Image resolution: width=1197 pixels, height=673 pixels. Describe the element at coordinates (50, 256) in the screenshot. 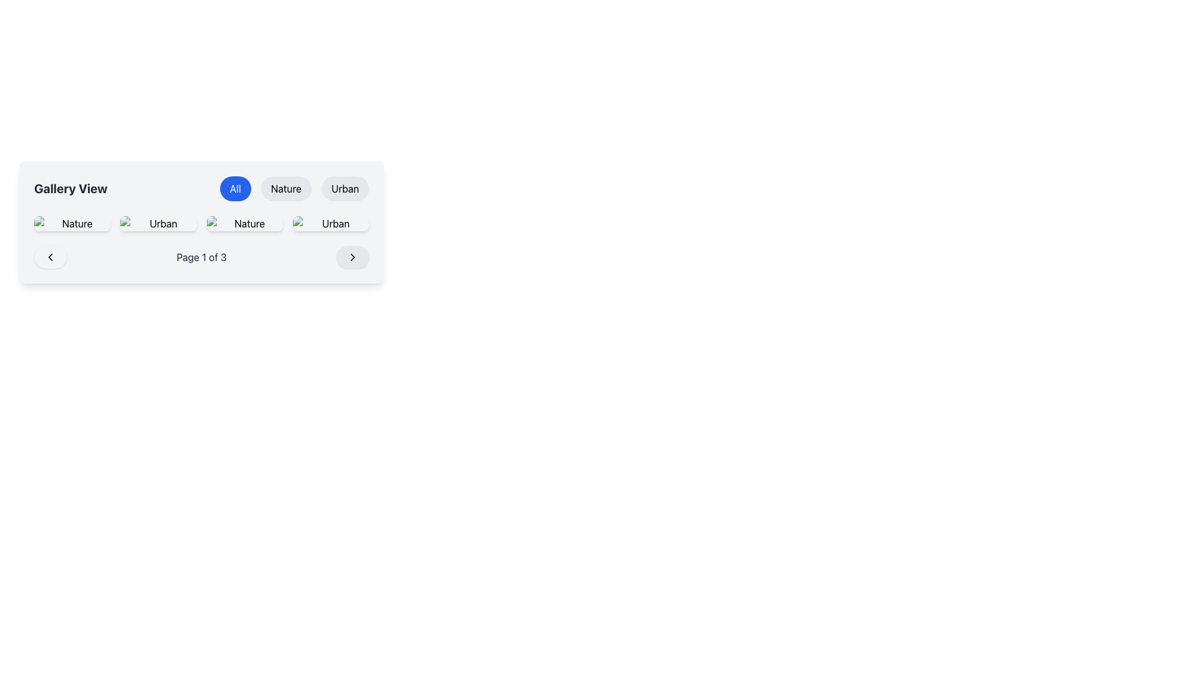

I see `the navigation button located to the left of the 'Page 1 of 3' text` at that location.